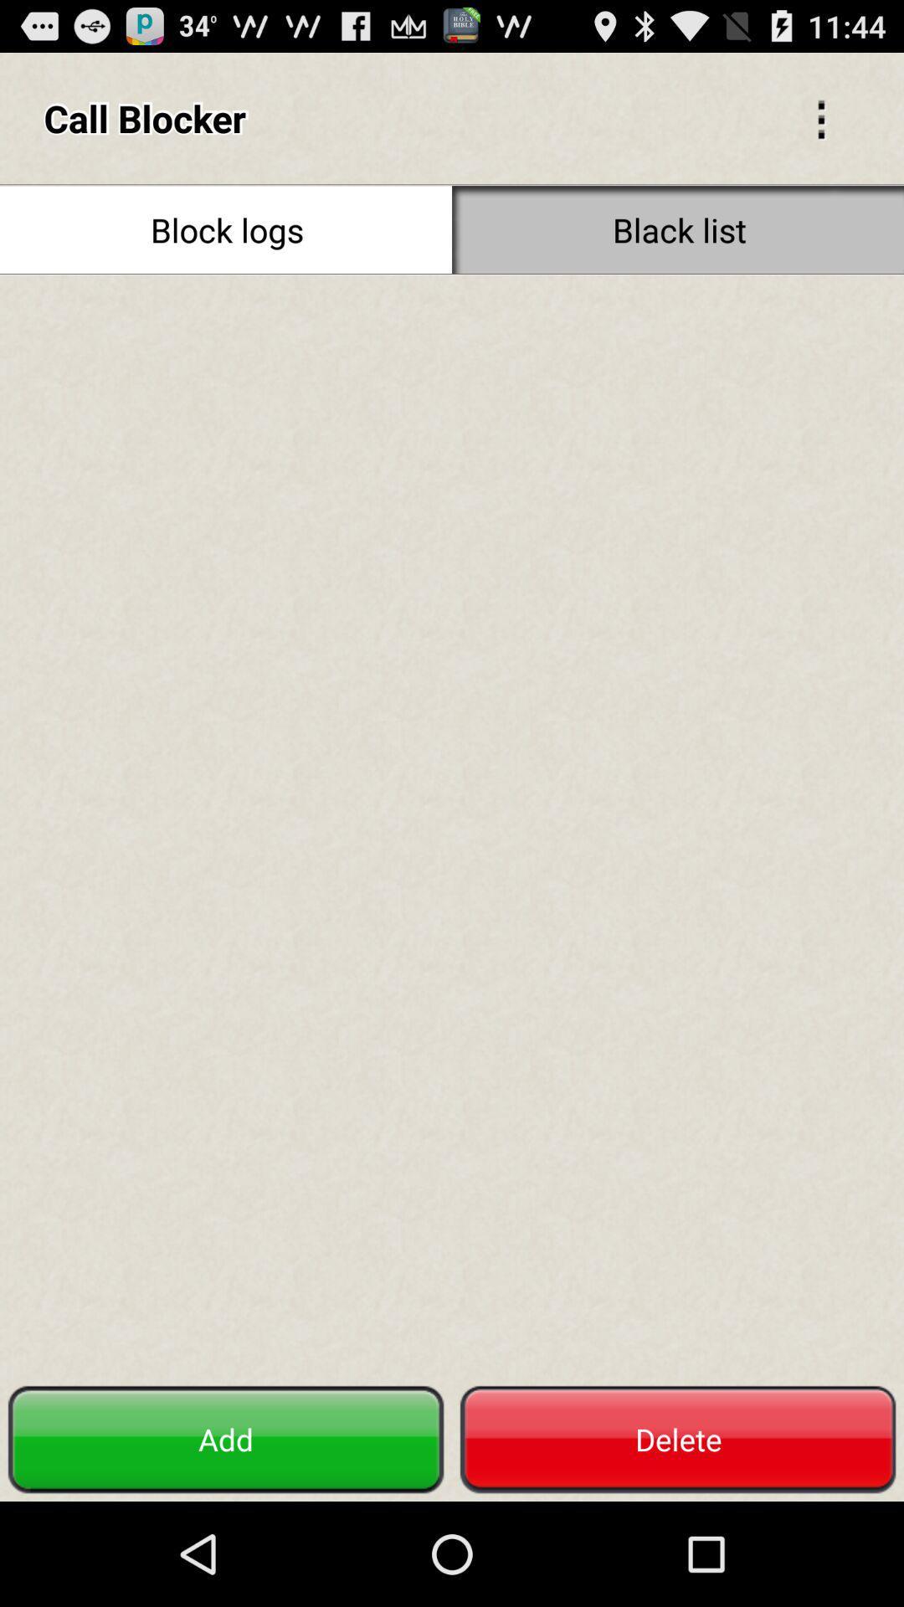 The height and width of the screenshot is (1607, 904). I want to click on the more icon, so click(820, 126).